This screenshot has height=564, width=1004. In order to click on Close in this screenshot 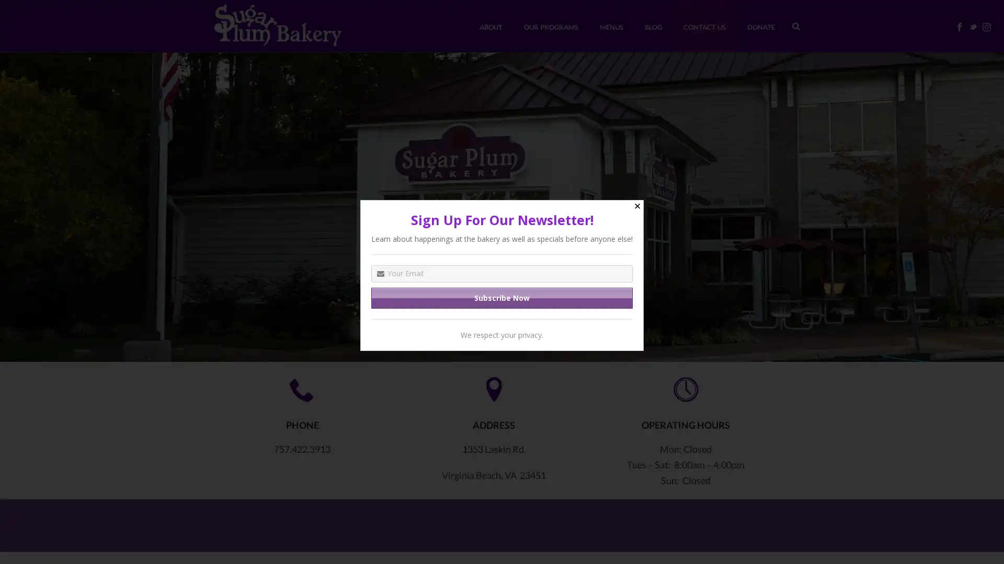, I will do `click(636, 206)`.